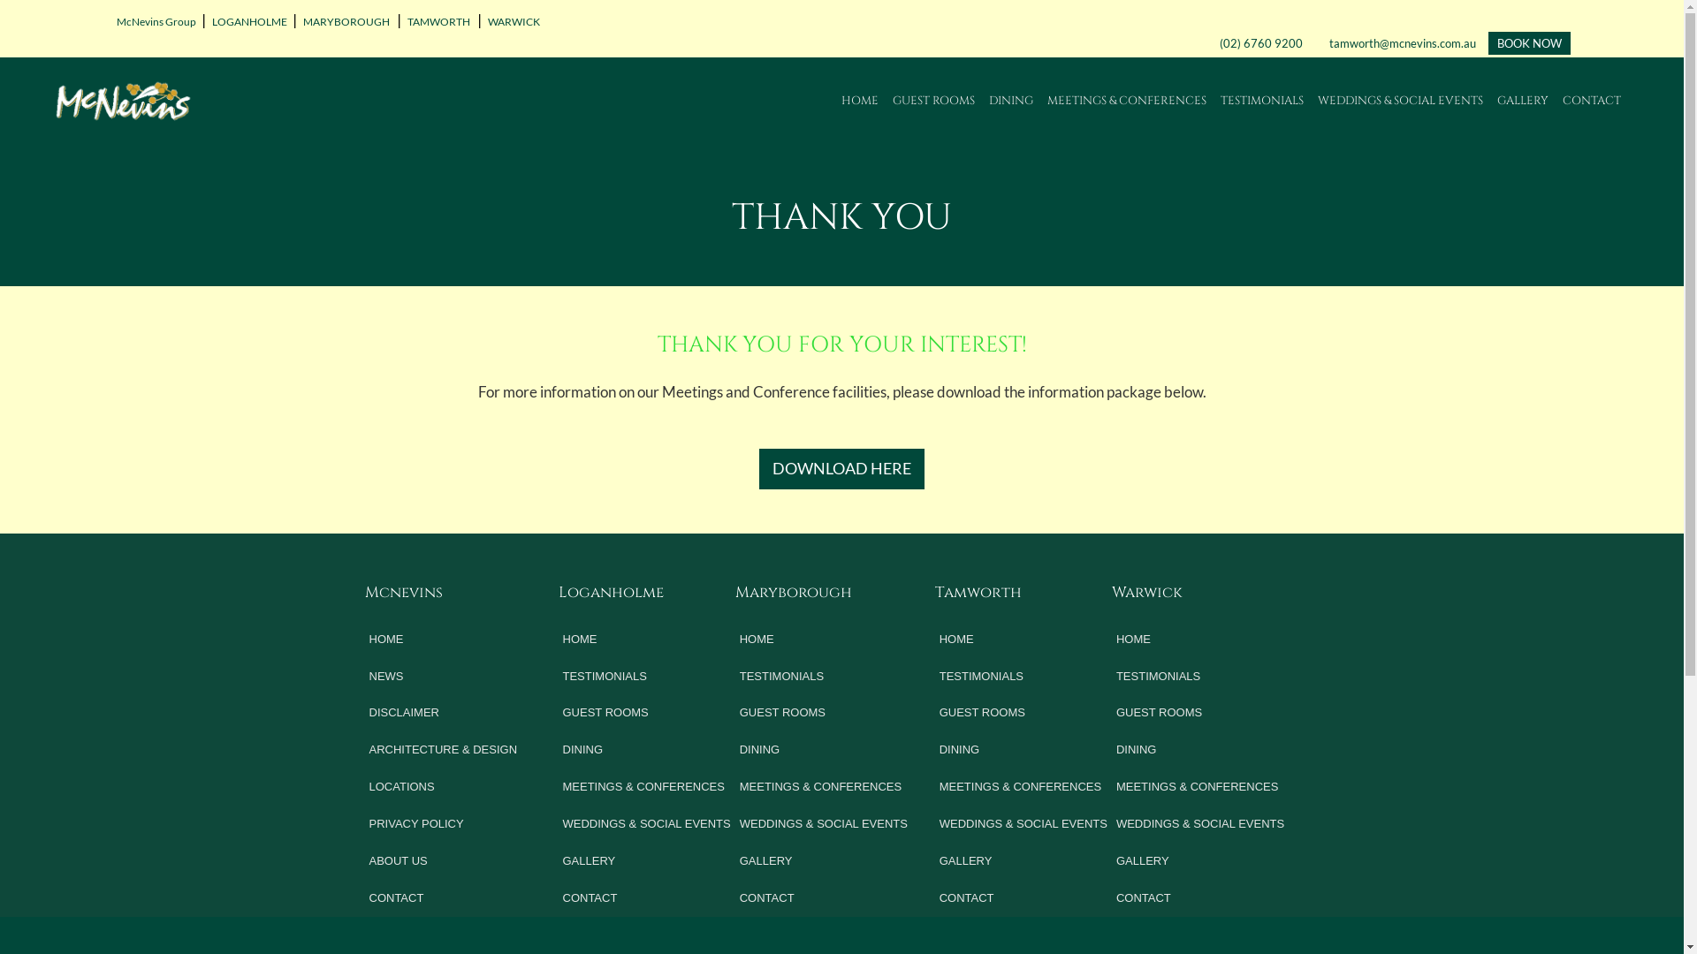 Image resolution: width=1697 pixels, height=954 pixels. I want to click on 'GALLERY', so click(648, 860).